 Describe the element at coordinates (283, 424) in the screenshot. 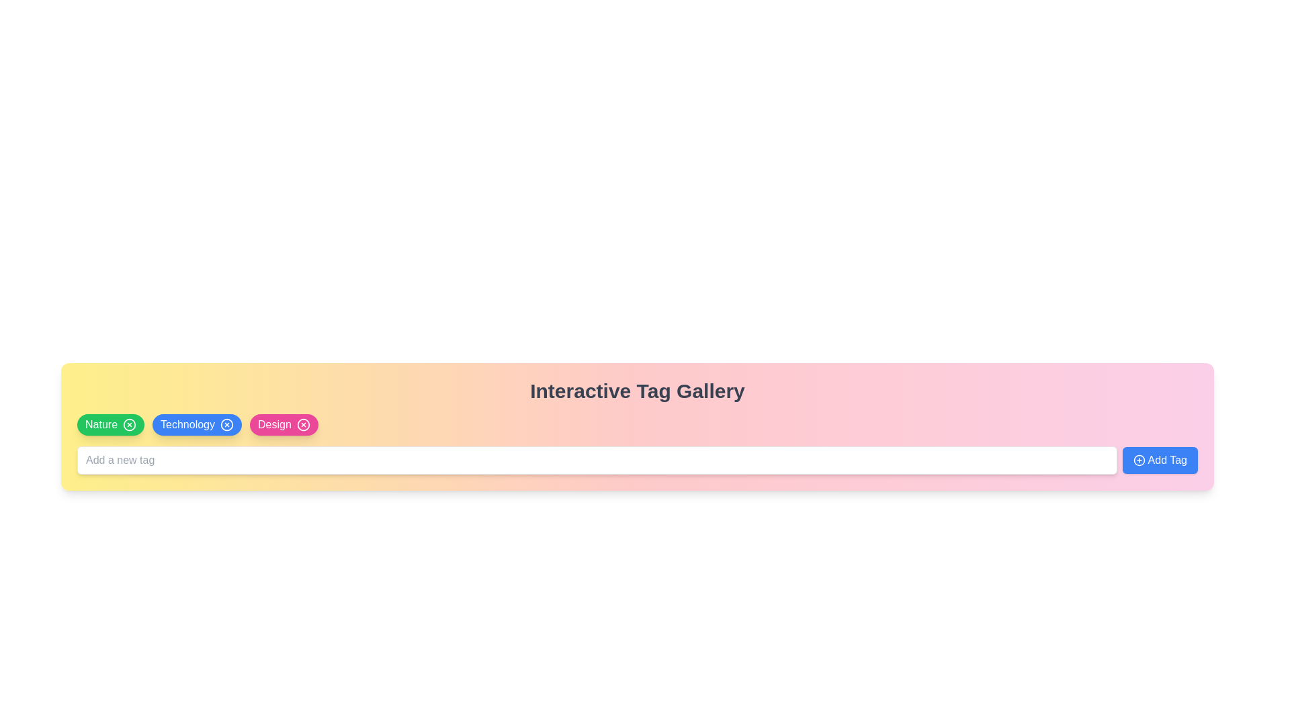

I see `the 'Design' tag, which is the third tag from the left` at that location.